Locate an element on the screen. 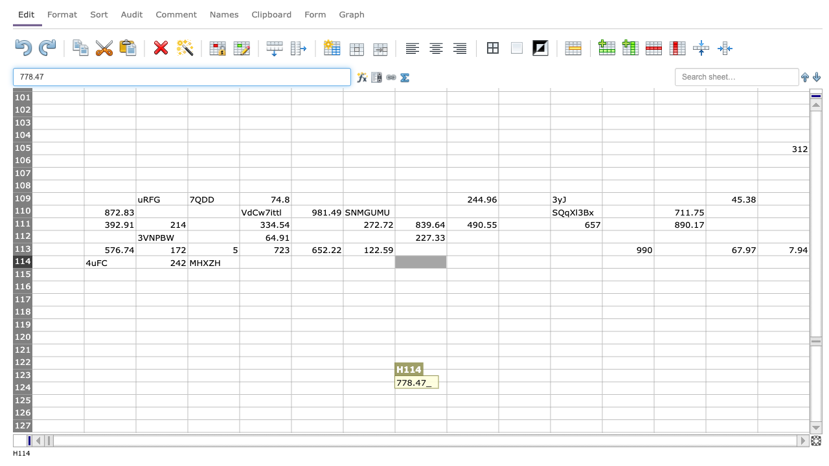 This screenshot has width=829, height=466. on I124 is located at coordinates (471, 387).